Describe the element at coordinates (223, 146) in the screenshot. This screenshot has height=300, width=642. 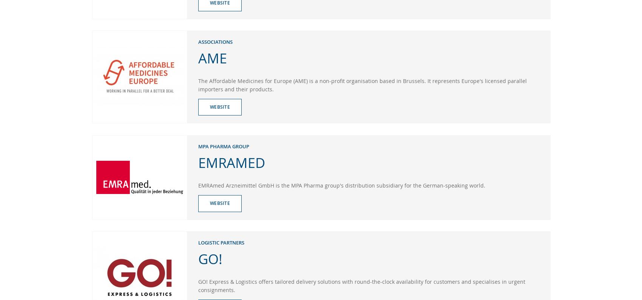
I see `'MPA Pharma Group'` at that location.